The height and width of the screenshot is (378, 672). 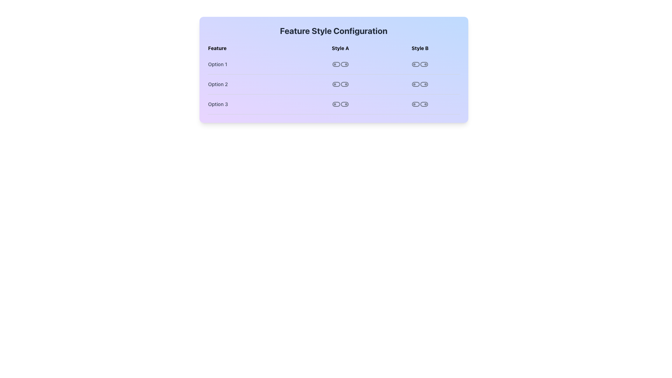 What do you see at coordinates (333, 104) in the screenshot?
I see `the toggle switches in the third row of the table labeled 'Option 3'` at bounding box center [333, 104].